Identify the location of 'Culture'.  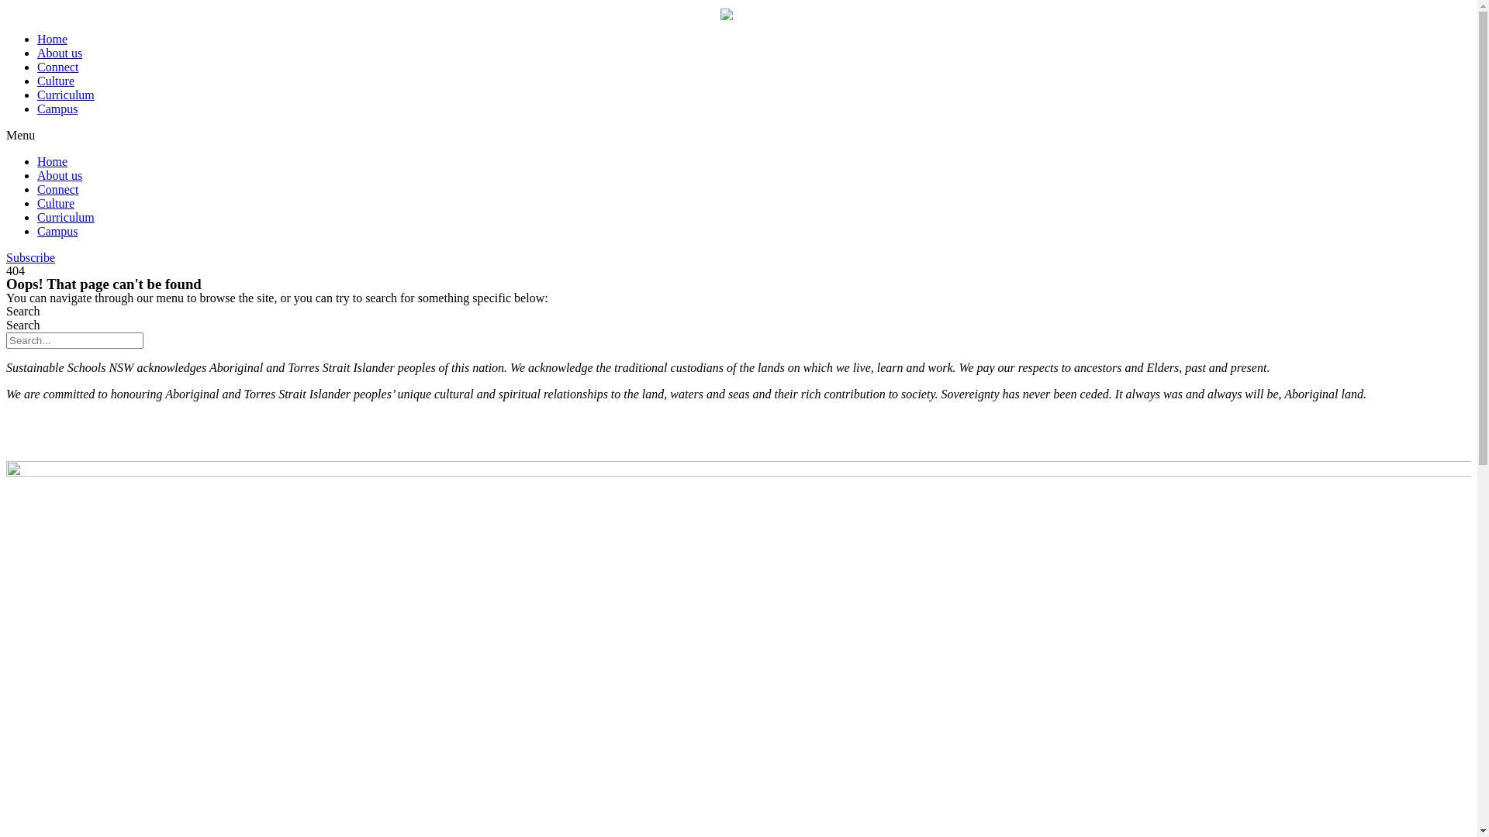
(56, 81).